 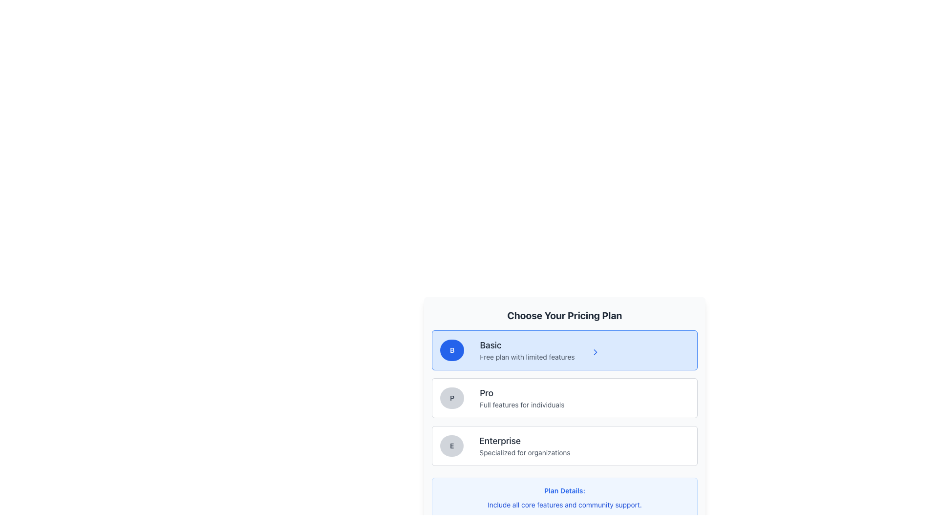 What do you see at coordinates (521, 405) in the screenshot?
I see `the text label that describes the 'Pro' pricing plan, indicating its suitability for individuals, located centrally below the 'Pro' text in the pricing plan card` at bounding box center [521, 405].